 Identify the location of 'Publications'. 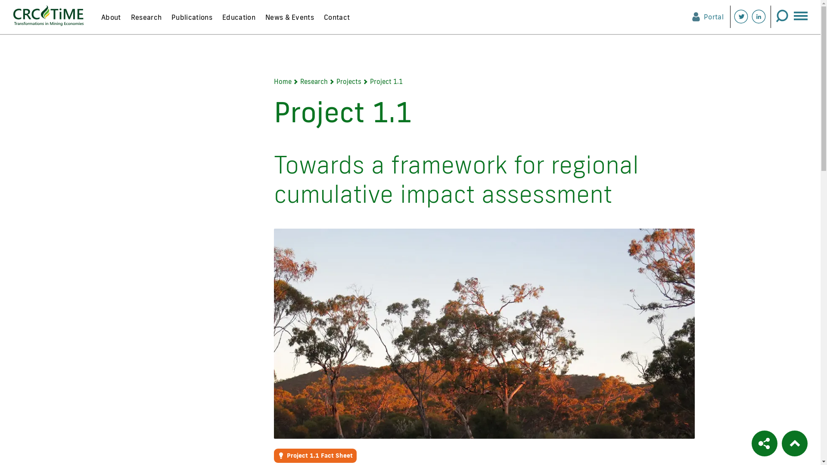
(191, 21).